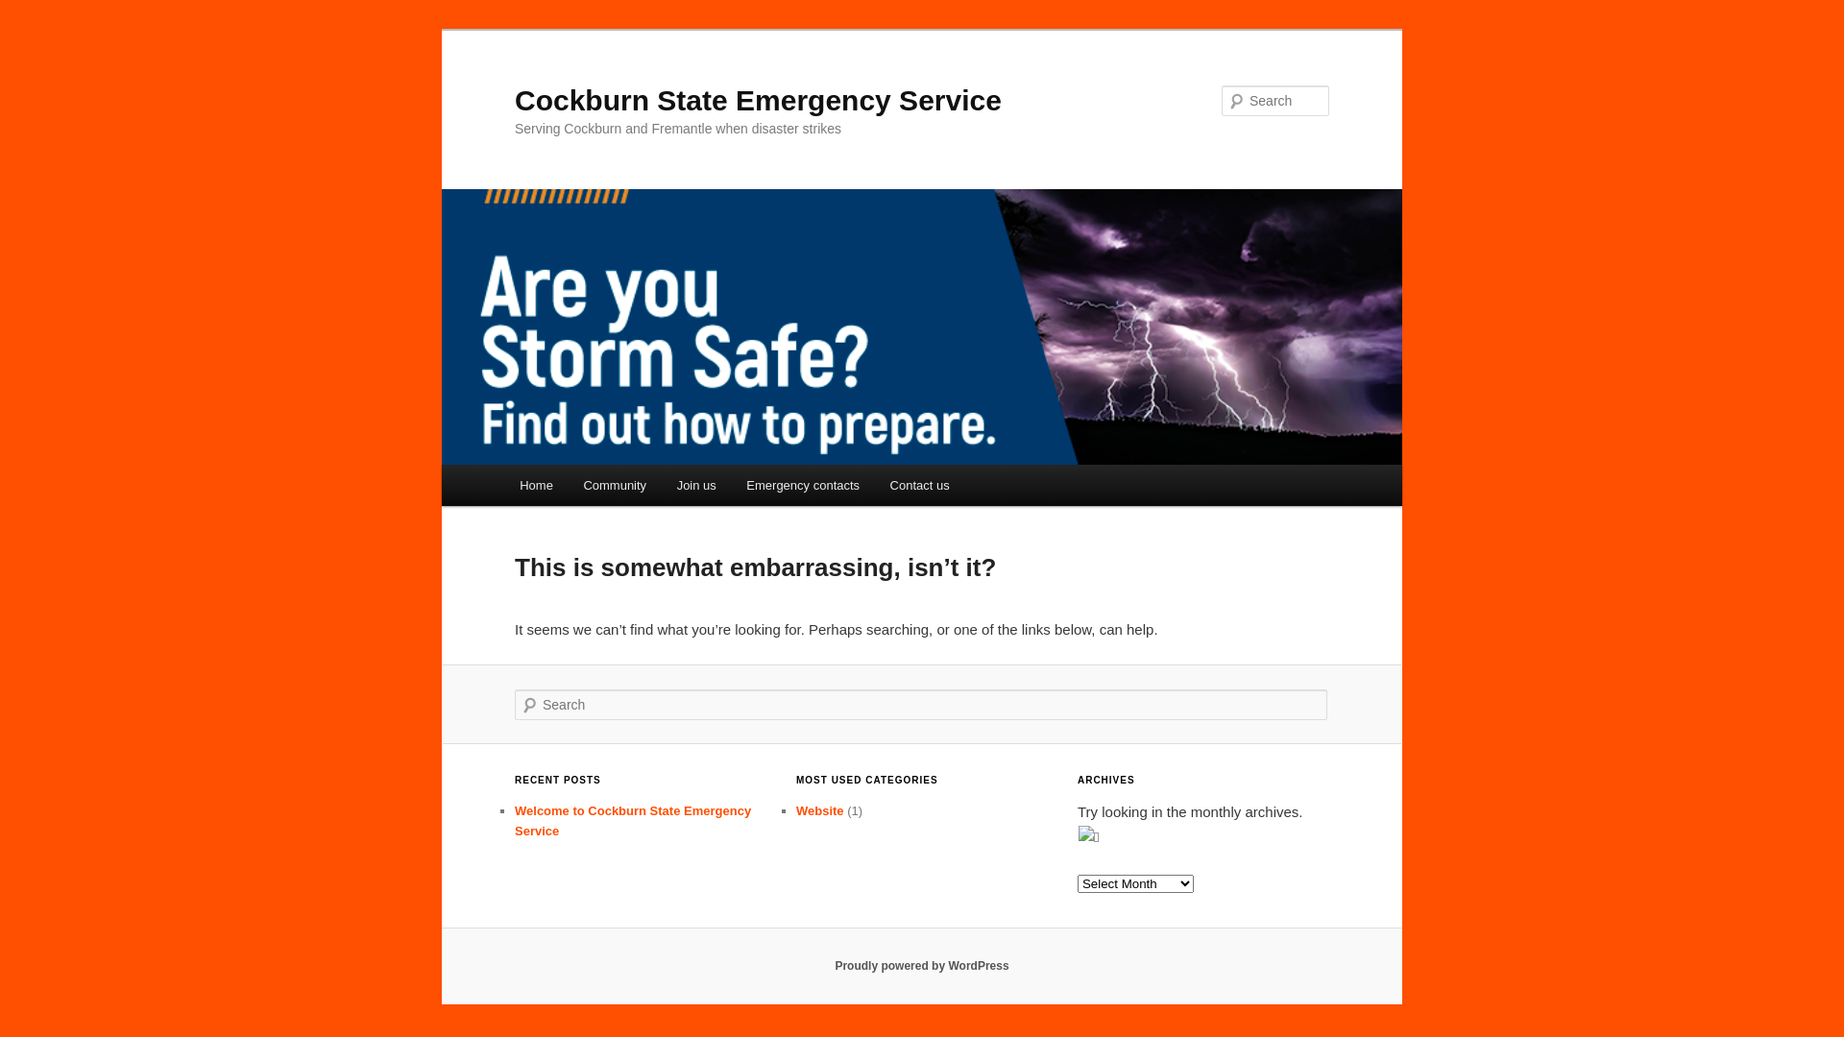  I want to click on 'Contact us', so click(874, 484).